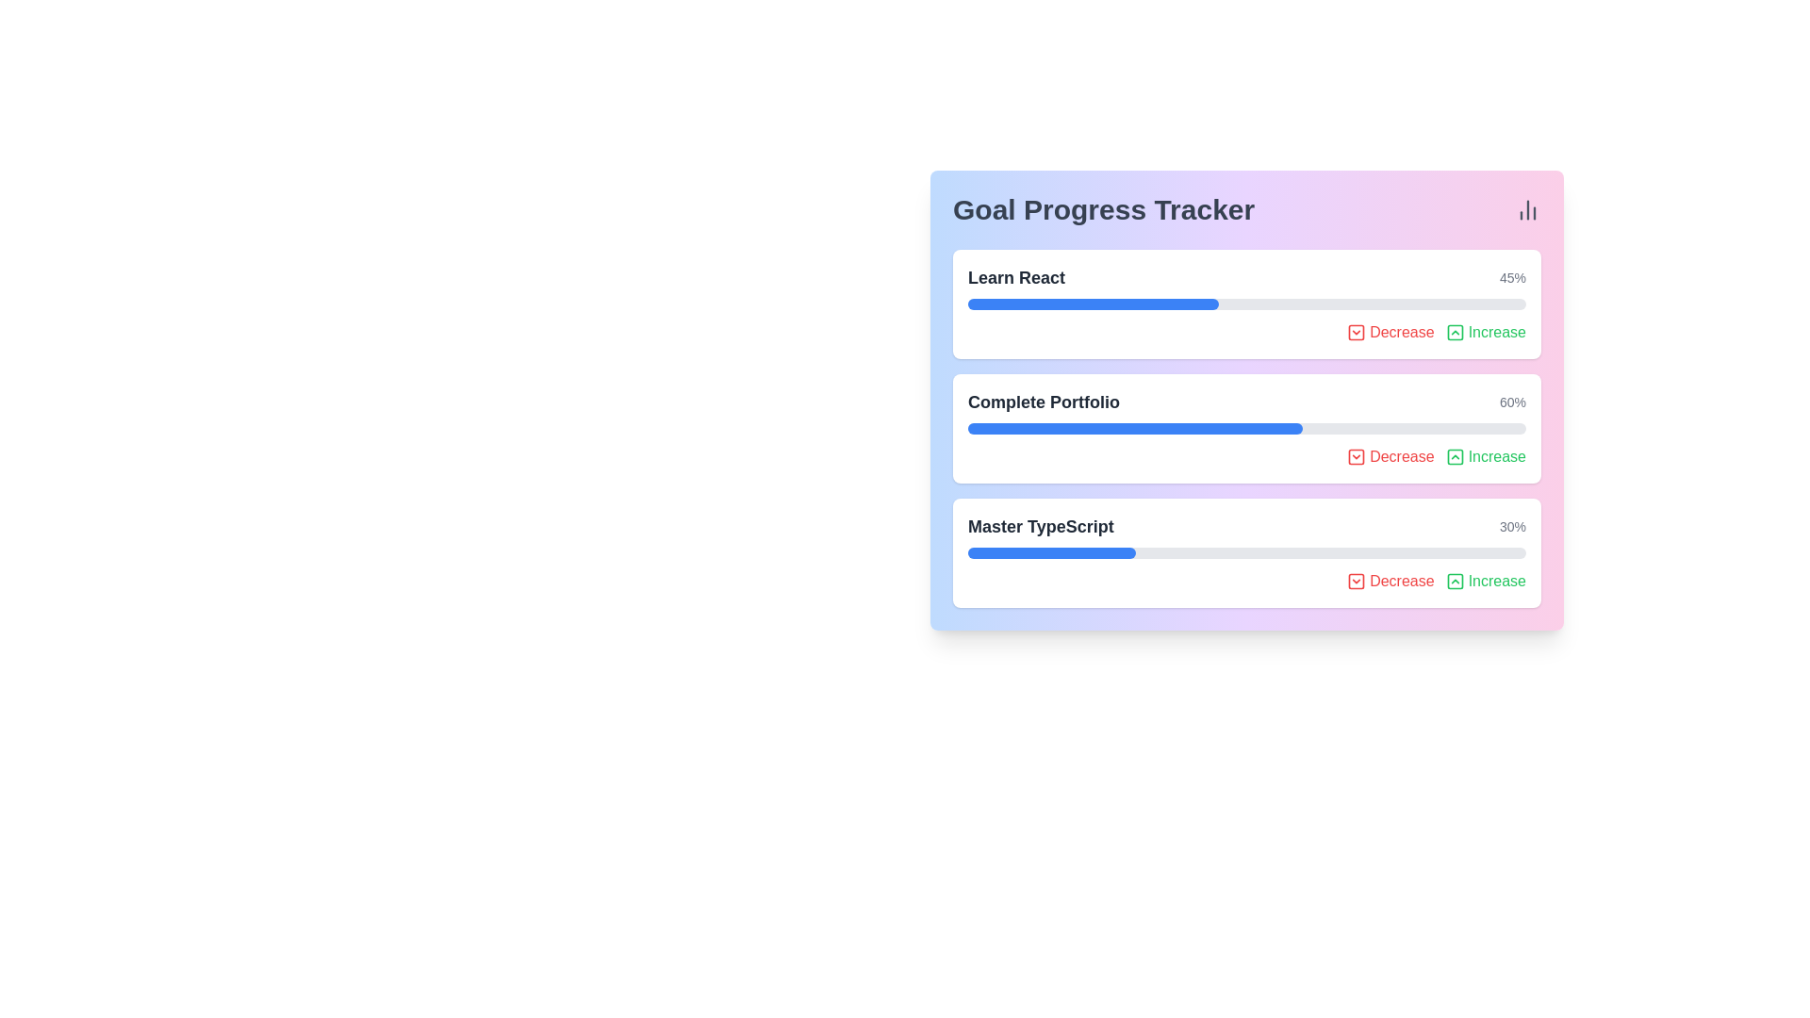 The height and width of the screenshot is (1018, 1810). I want to click on the 'Increase' button containing the upward-pointing chevron icon for keyboard interaction, so click(1454, 457).